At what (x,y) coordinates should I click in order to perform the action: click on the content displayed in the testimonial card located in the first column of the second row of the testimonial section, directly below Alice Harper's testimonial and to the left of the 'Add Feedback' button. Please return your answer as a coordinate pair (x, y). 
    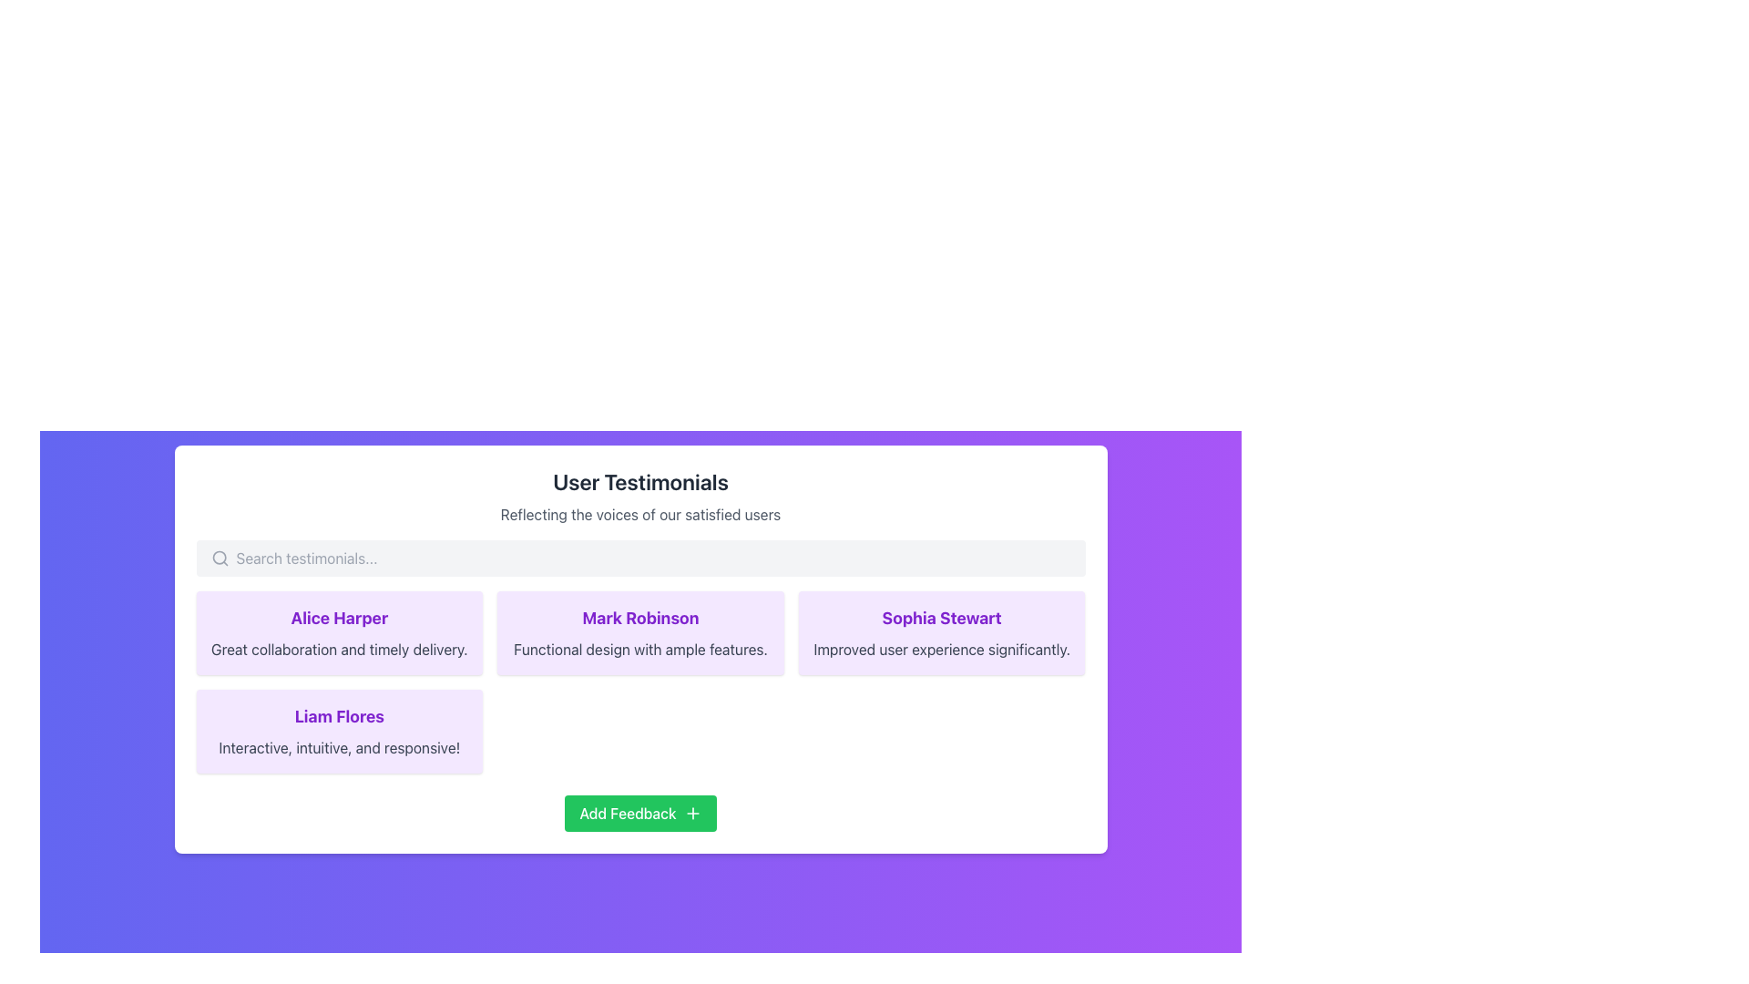
    Looking at the image, I should click on (339, 730).